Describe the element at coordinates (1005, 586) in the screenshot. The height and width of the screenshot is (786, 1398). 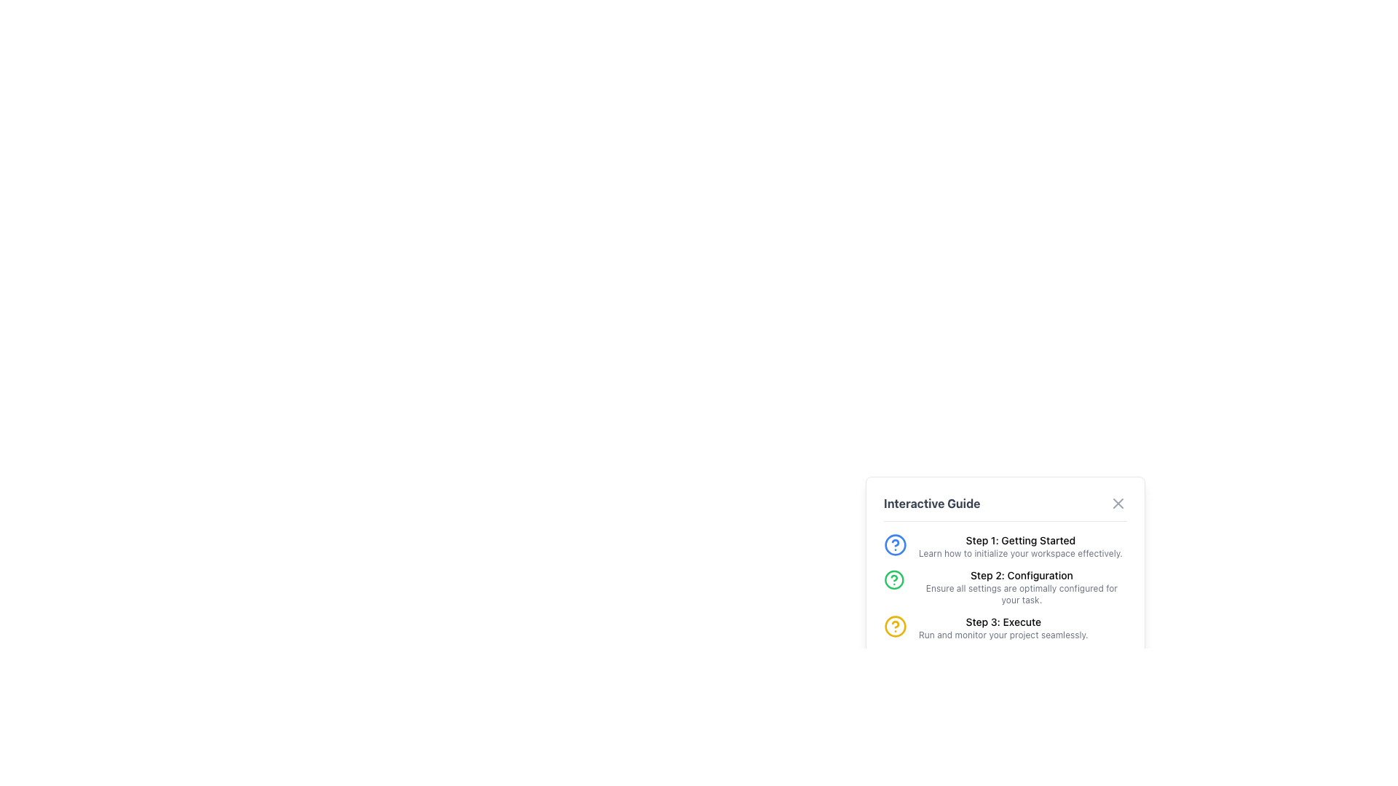
I see `the Informative Section, which provides the title and a brief description of the second step in the interactive guide, located centrally between Step 1 and Step 3` at that location.